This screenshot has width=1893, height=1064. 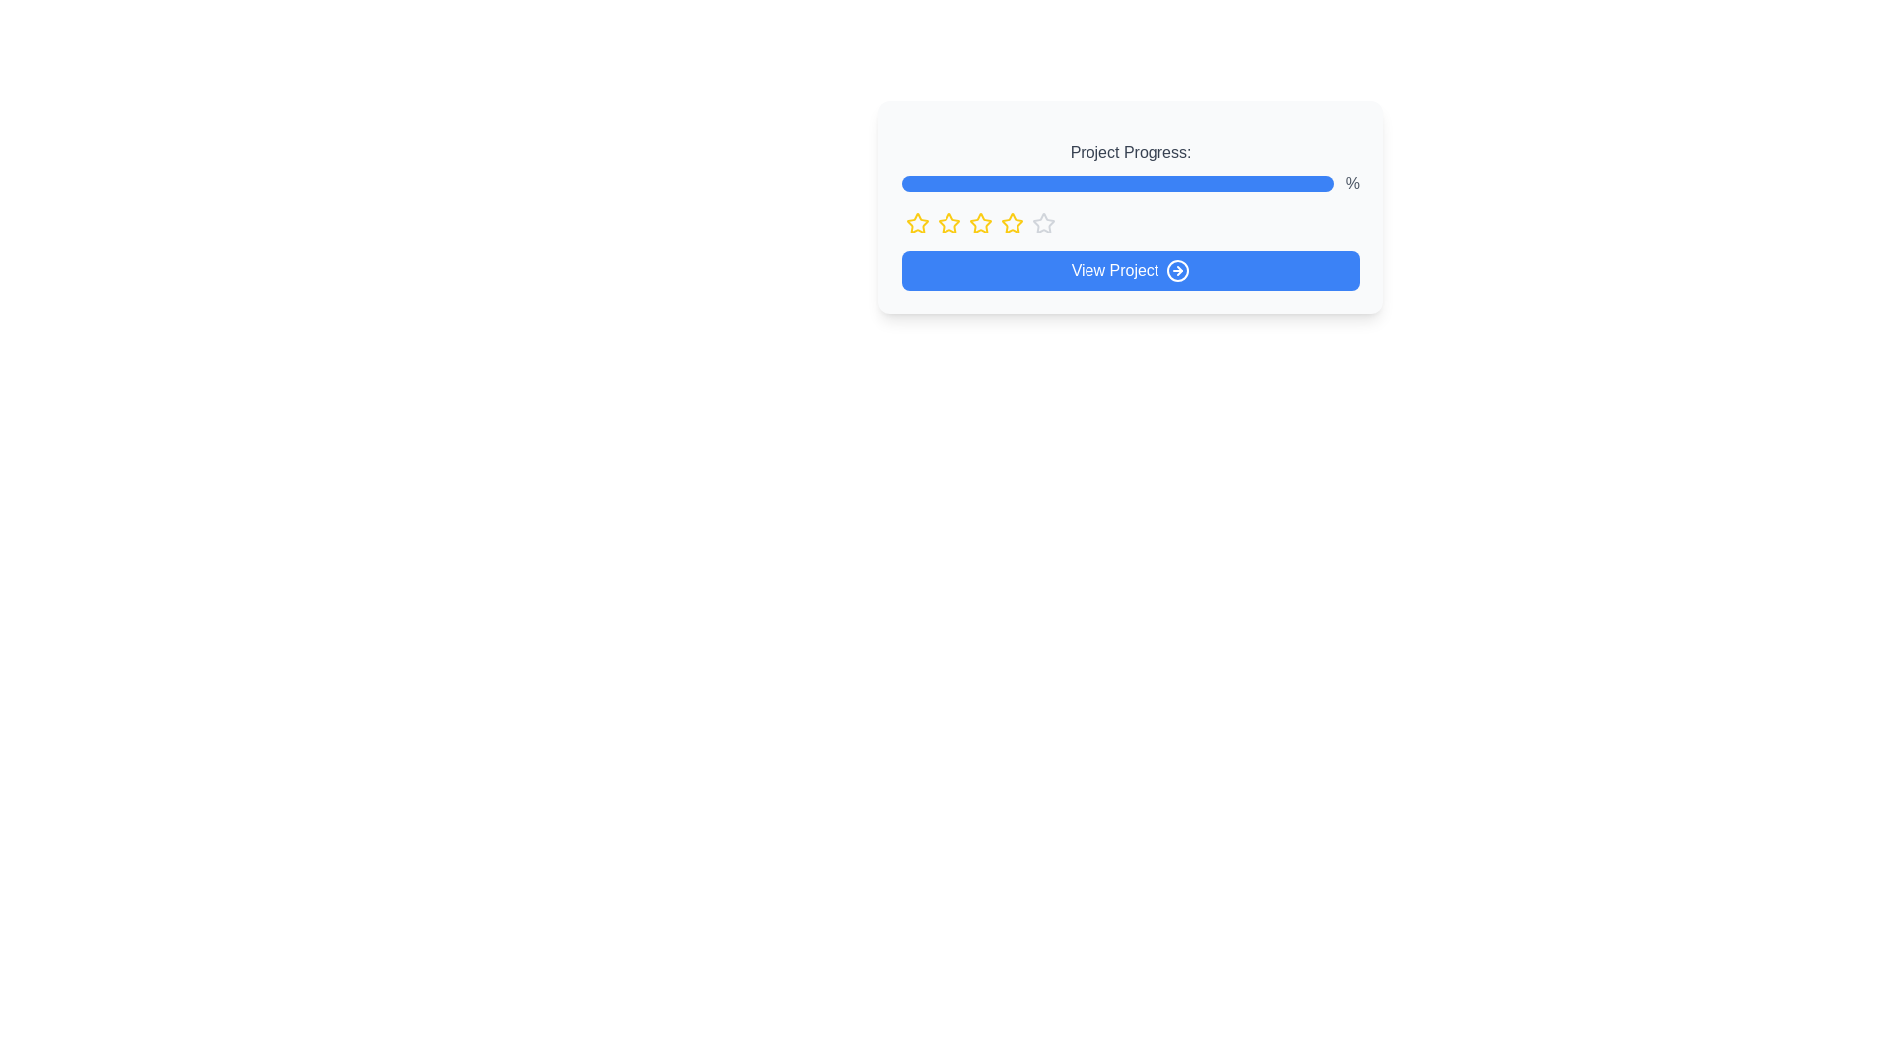 What do you see at coordinates (1212, 183) in the screenshot?
I see `progress` at bounding box center [1212, 183].